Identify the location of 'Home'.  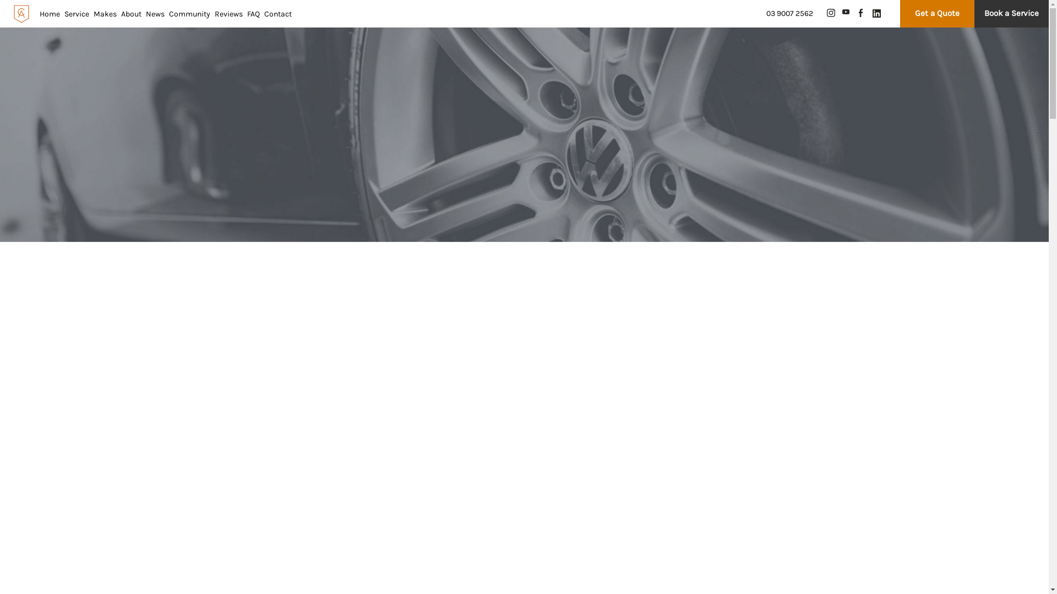
(49, 14).